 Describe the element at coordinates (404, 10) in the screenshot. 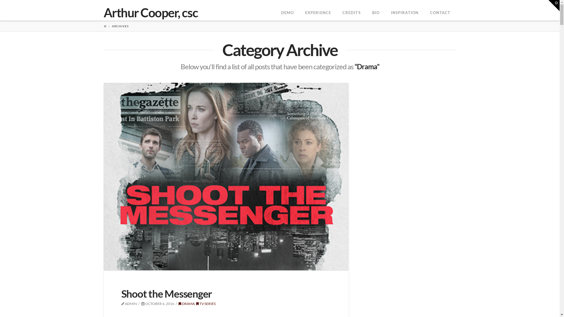

I see `'INSPIRATION'` at that location.